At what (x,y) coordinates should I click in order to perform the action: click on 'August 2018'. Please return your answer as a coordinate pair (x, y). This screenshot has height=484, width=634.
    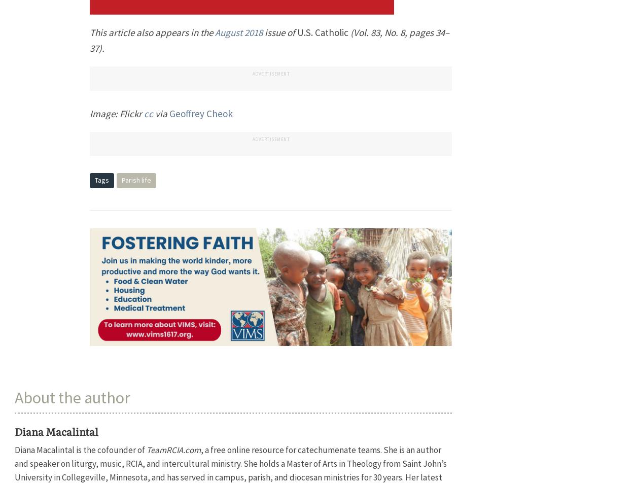
    Looking at the image, I should click on (238, 32).